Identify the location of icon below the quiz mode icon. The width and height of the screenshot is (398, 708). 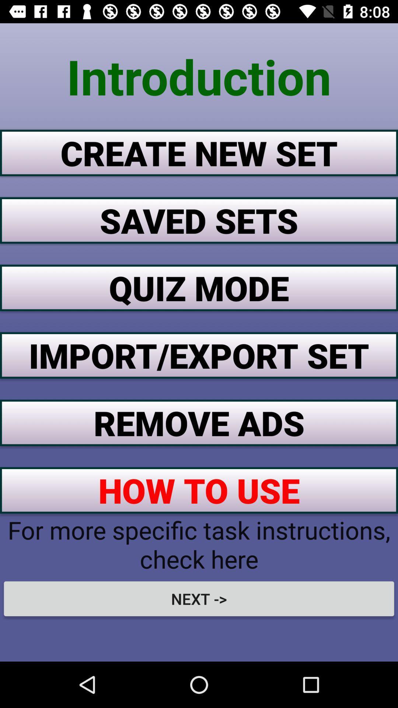
(199, 355).